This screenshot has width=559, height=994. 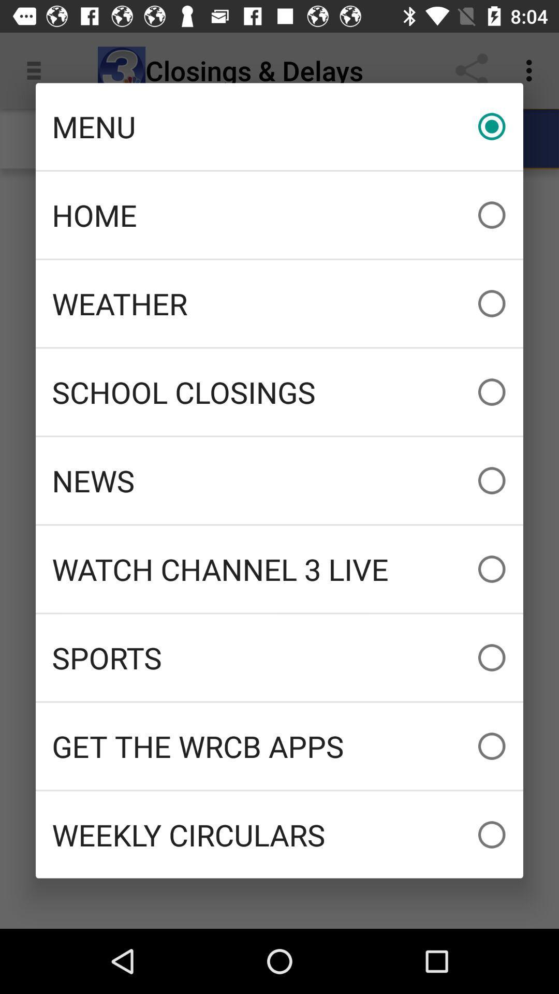 What do you see at coordinates (279, 480) in the screenshot?
I see `the news` at bounding box center [279, 480].